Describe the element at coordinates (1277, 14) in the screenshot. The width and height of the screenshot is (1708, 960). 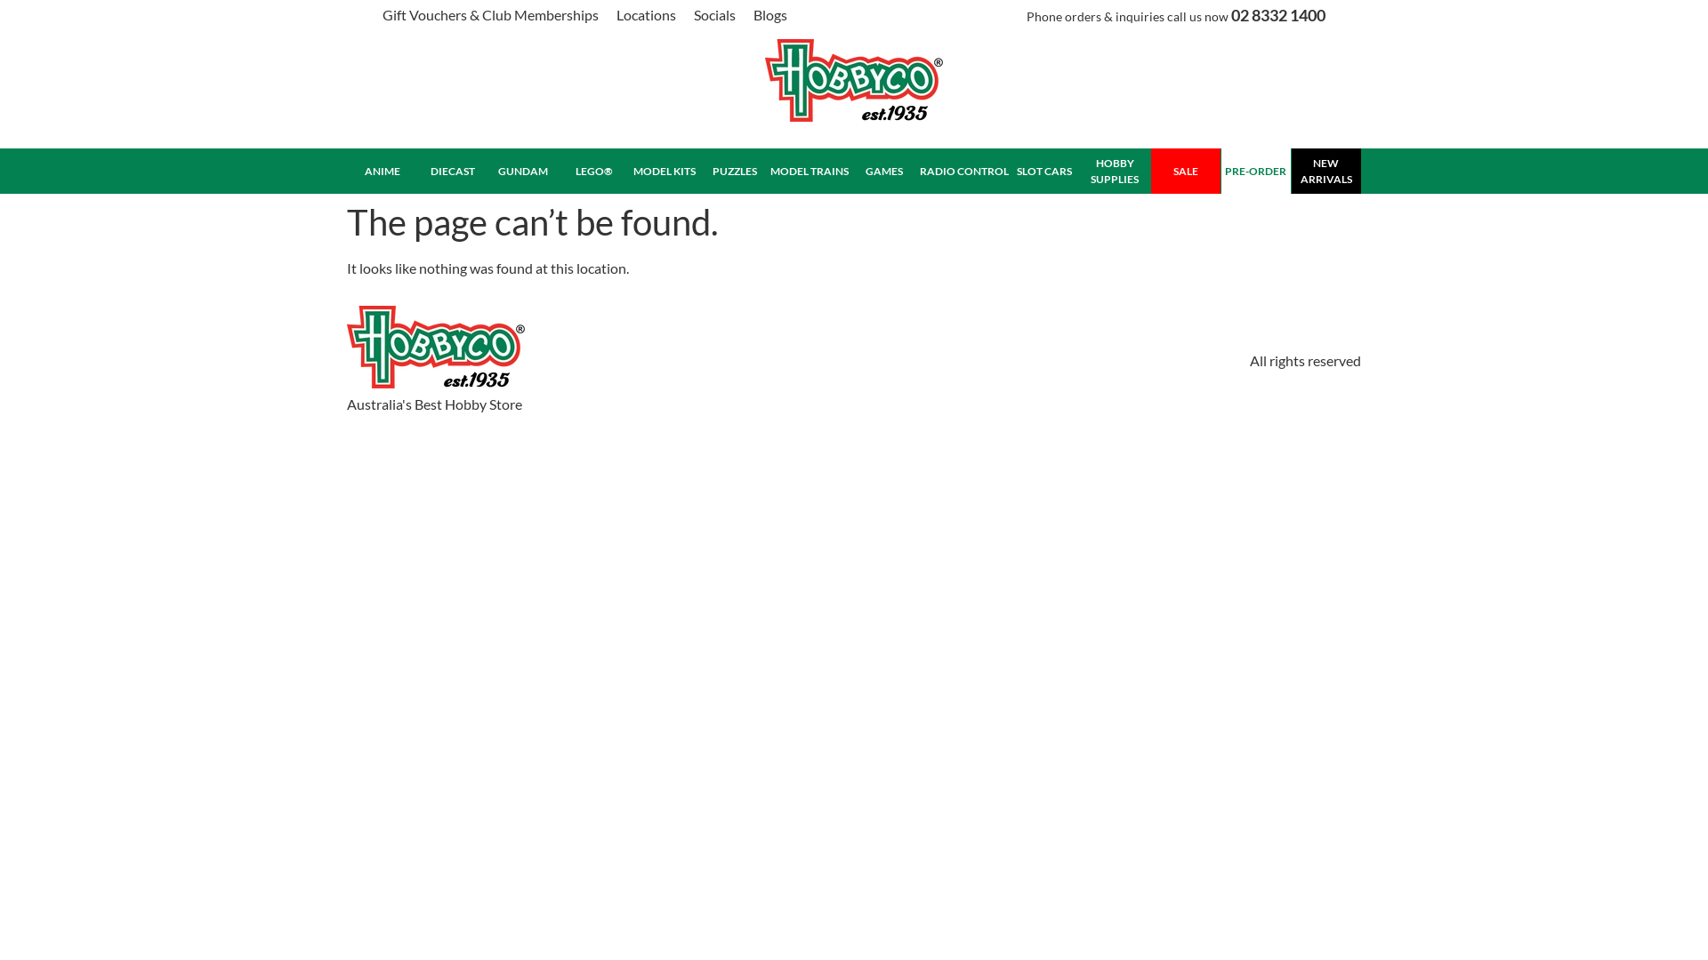
I see `'02 8332 1400'` at that location.